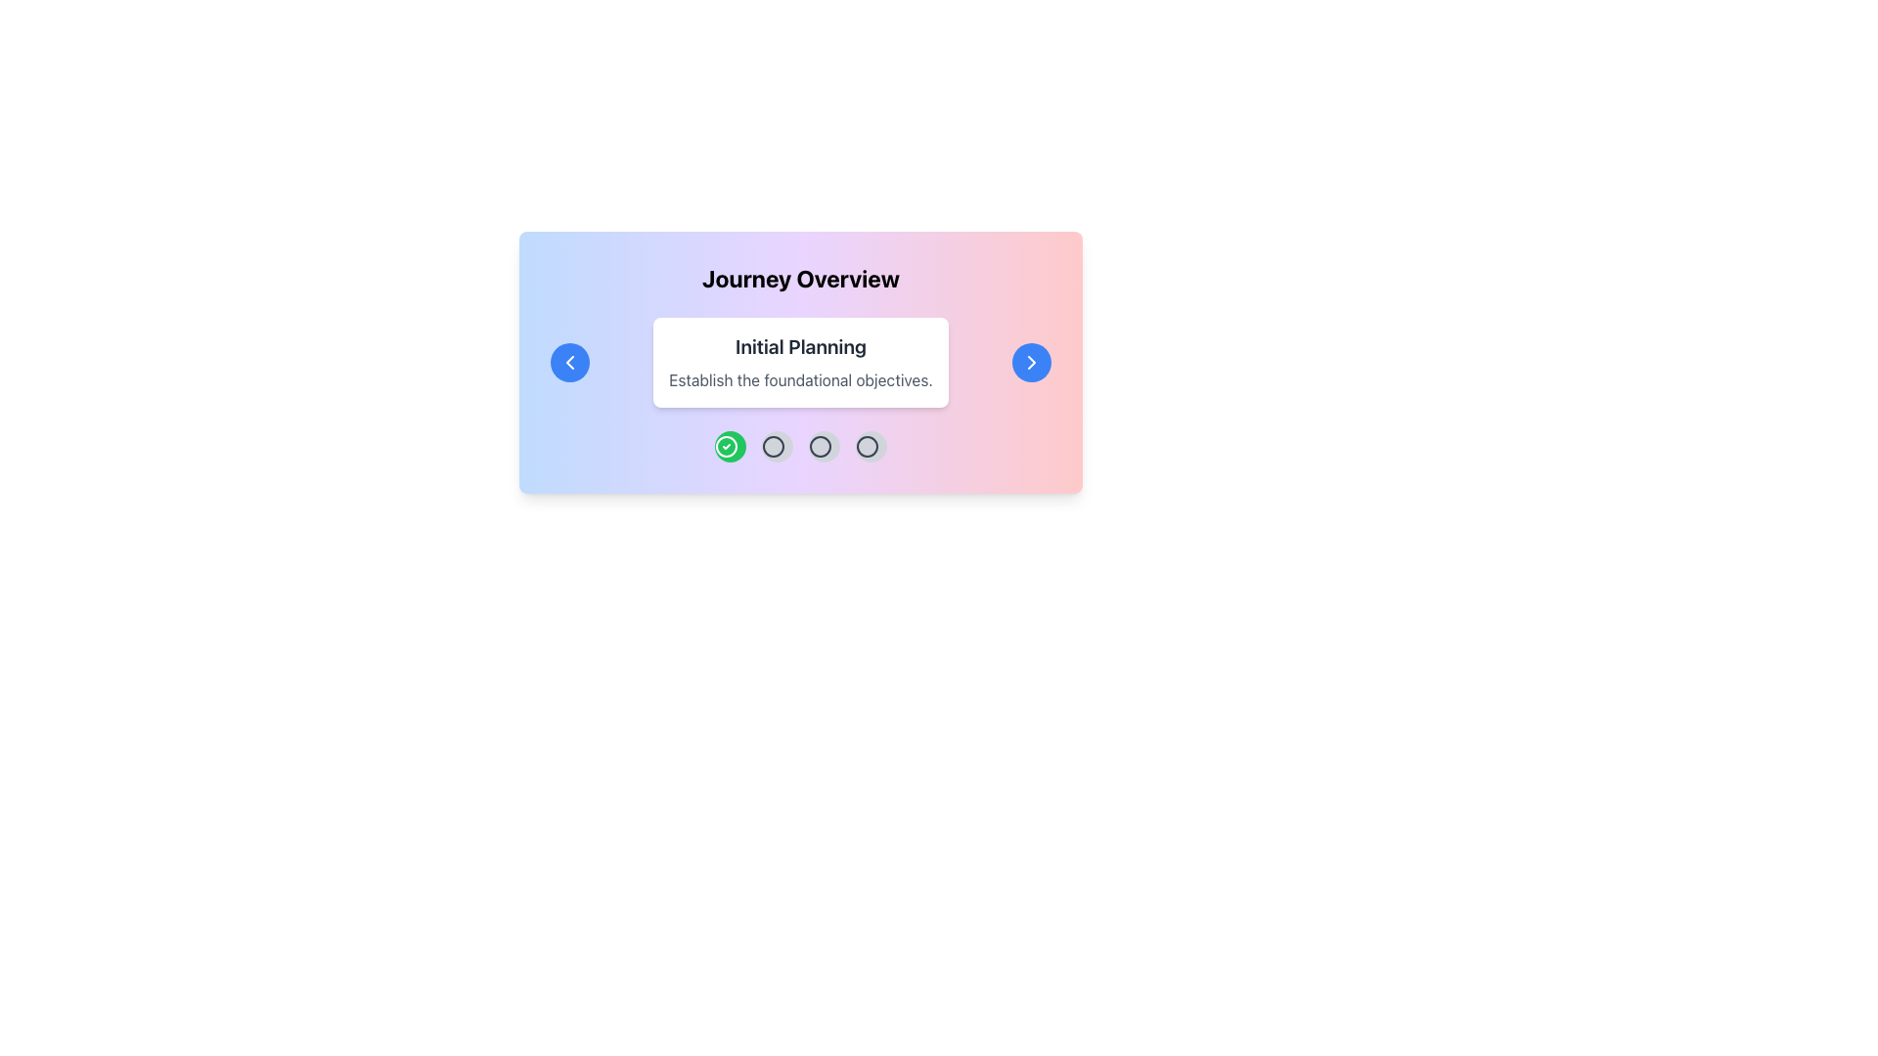 The width and height of the screenshot is (1878, 1056). What do you see at coordinates (730, 446) in the screenshot?
I see `the interactive round button with a green background and white checkmark icon` at bounding box center [730, 446].